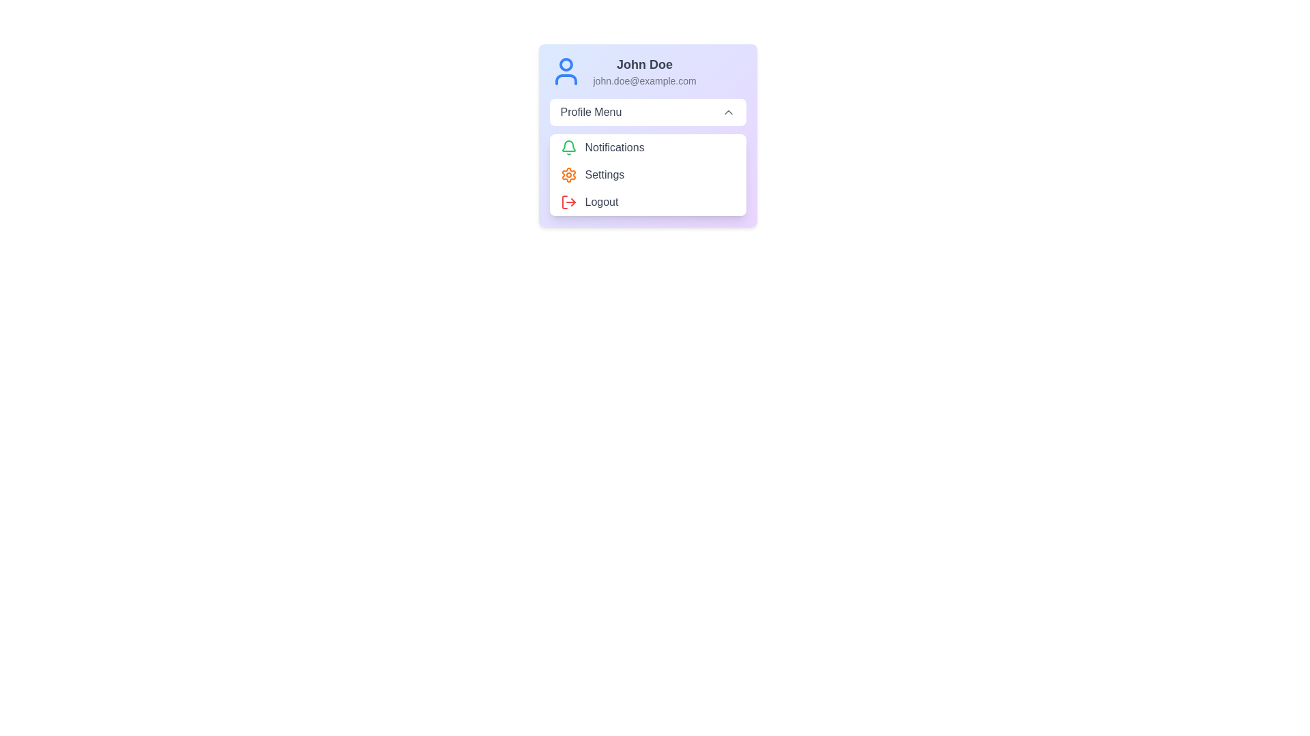  What do you see at coordinates (647, 147) in the screenshot?
I see `the notifications button located in the dropdown profile menu, which is positioned beneath the user name and email, and above the 'Settings' and 'Logout' items` at bounding box center [647, 147].